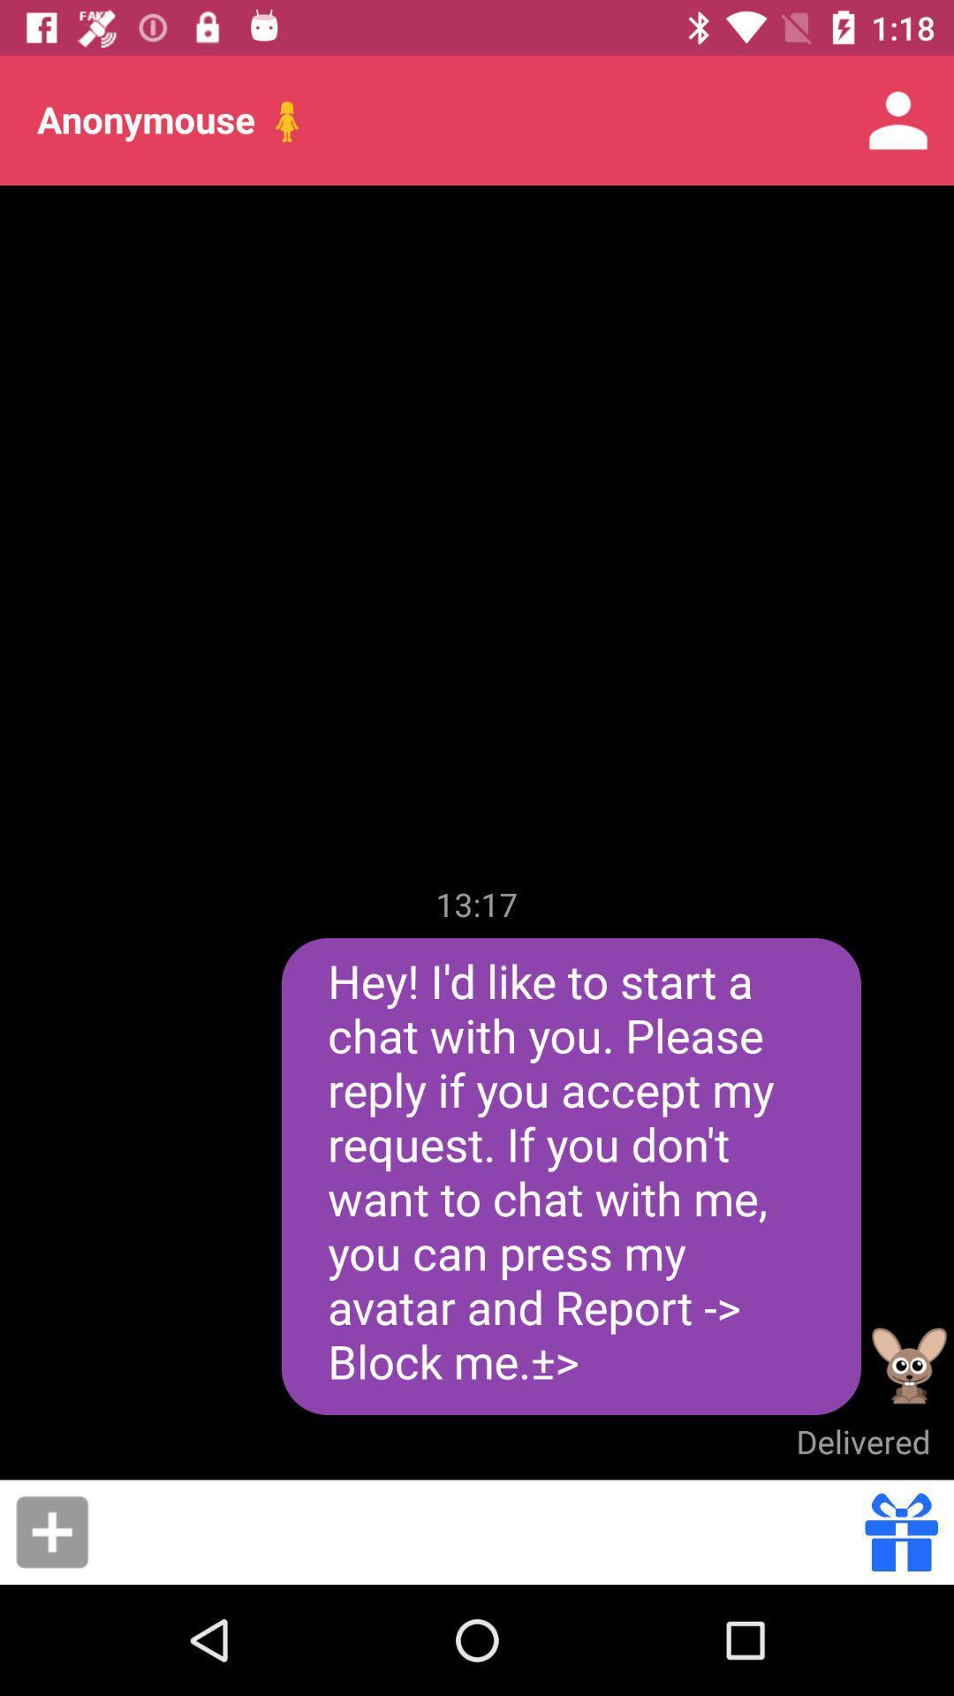 The width and height of the screenshot is (954, 1696). What do you see at coordinates (51, 1531) in the screenshot?
I see `more options` at bounding box center [51, 1531].